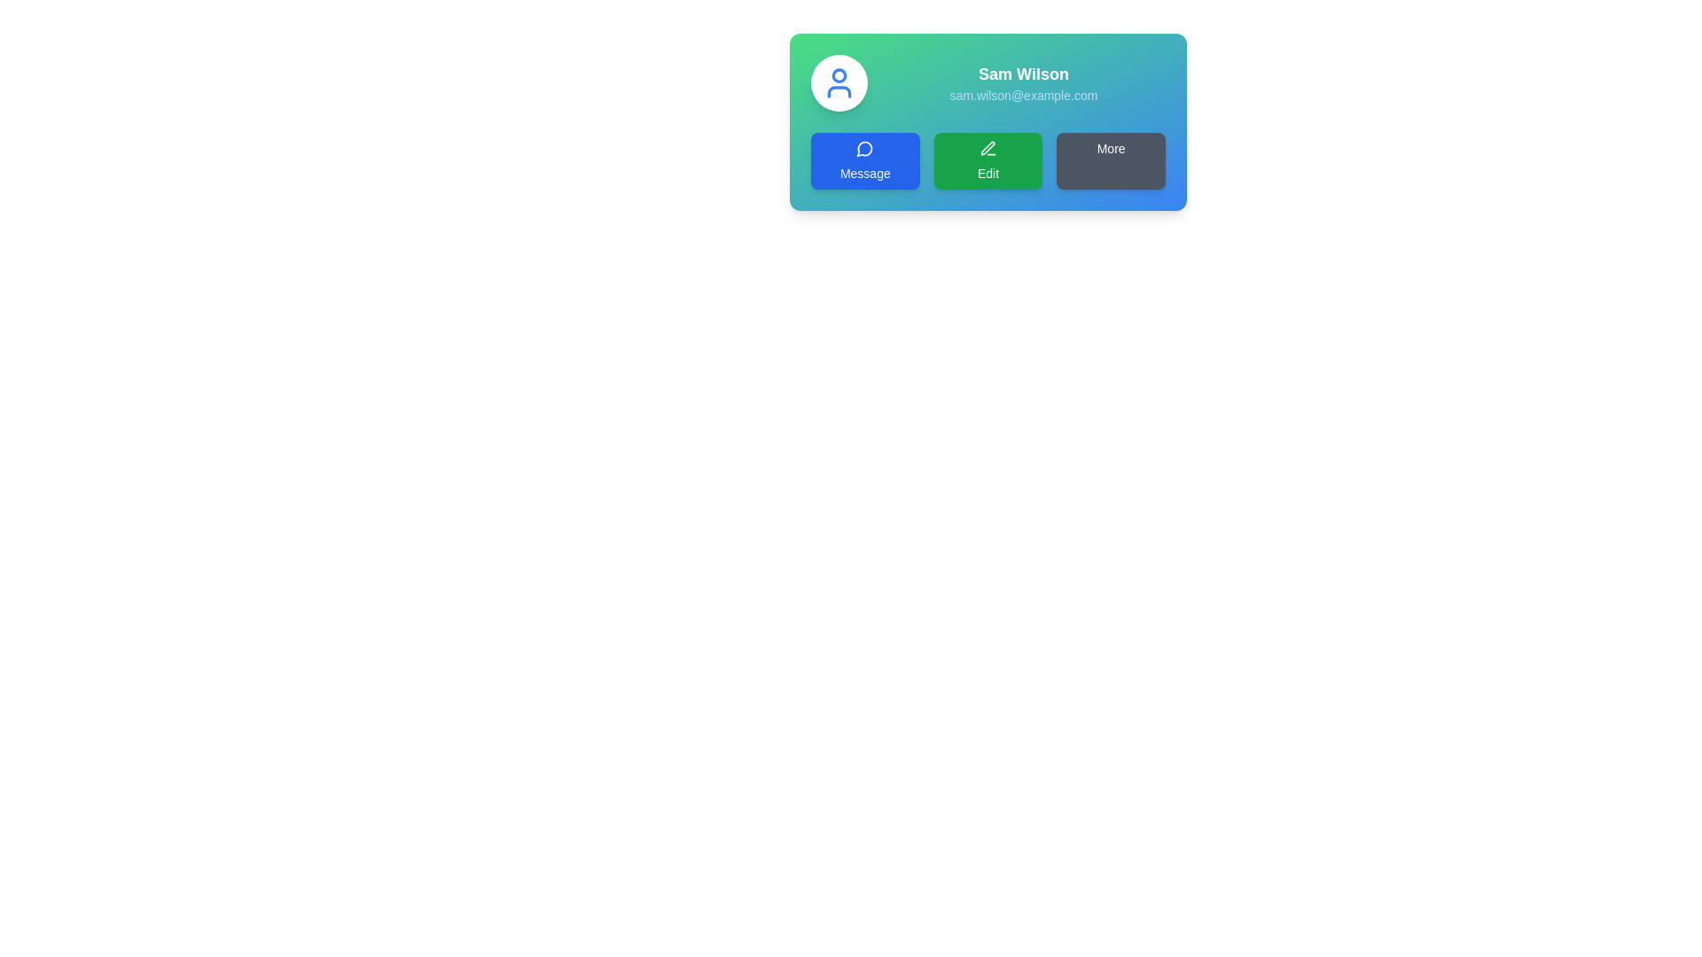 The width and height of the screenshot is (1702, 957). Describe the element at coordinates (1024, 96) in the screenshot. I see `the text label displaying the email address 'sam.wilson@example.com', which is located directly below the name 'Sam Wilson' within the contact card` at that location.